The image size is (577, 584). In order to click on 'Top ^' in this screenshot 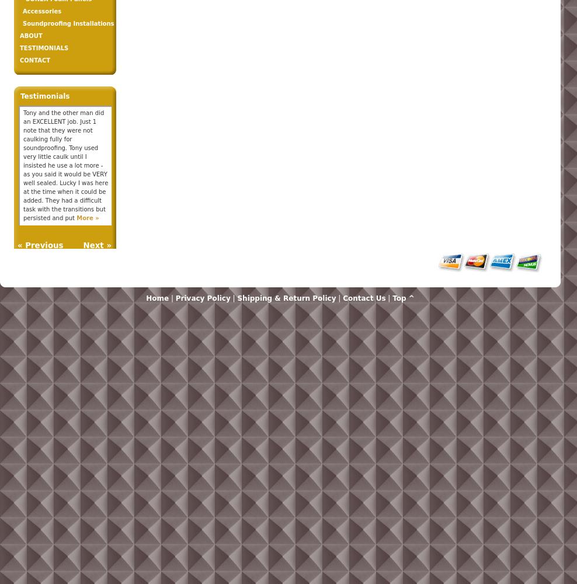, I will do `click(403, 298)`.